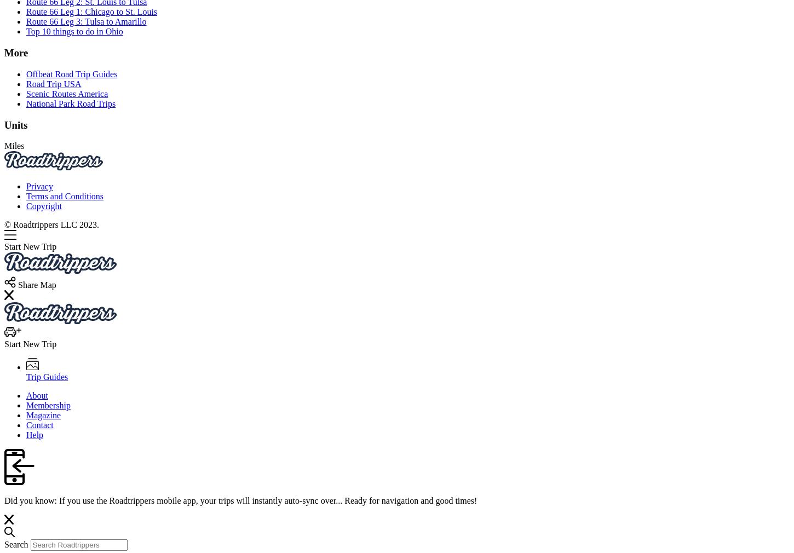  I want to click on 'Did you know: If you use the Roadtrippers mobile app, your trips will instantly auto-sync over... Ready for navigation and good times!', so click(4, 500).